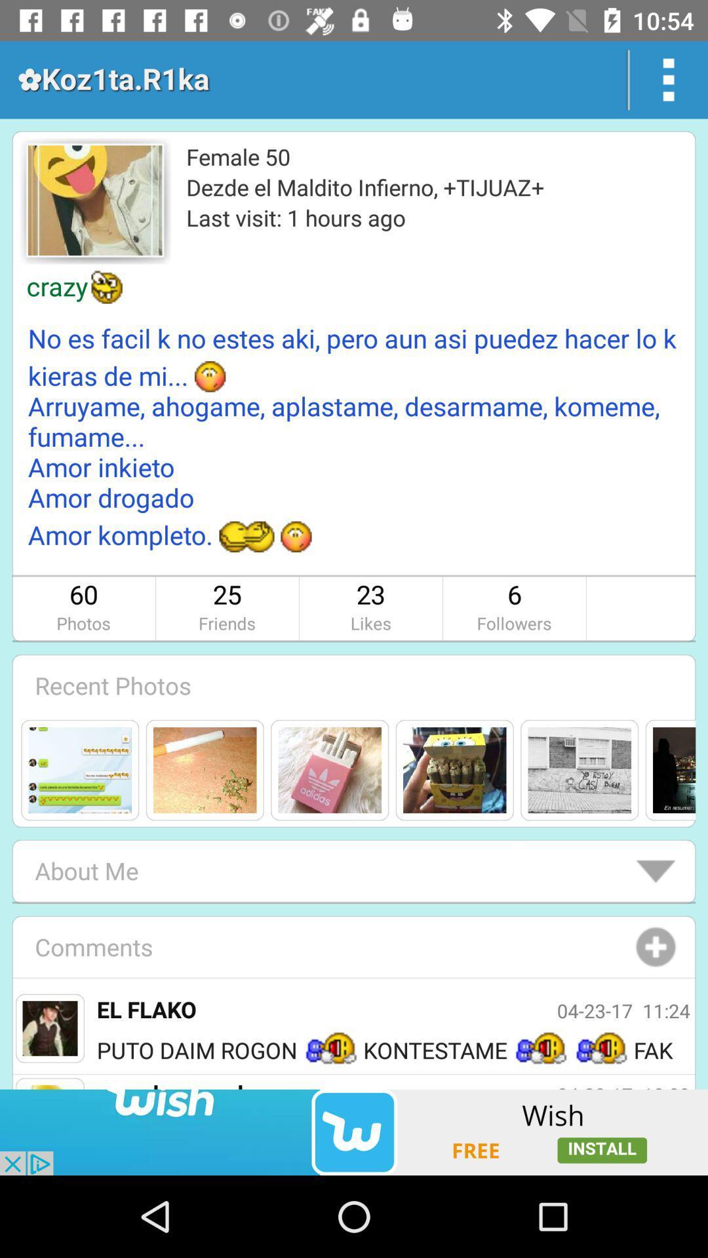 This screenshot has width=708, height=1258. Describe the element at coordinates (669, 79) in the screenshot. I see `the more icon` at that location.